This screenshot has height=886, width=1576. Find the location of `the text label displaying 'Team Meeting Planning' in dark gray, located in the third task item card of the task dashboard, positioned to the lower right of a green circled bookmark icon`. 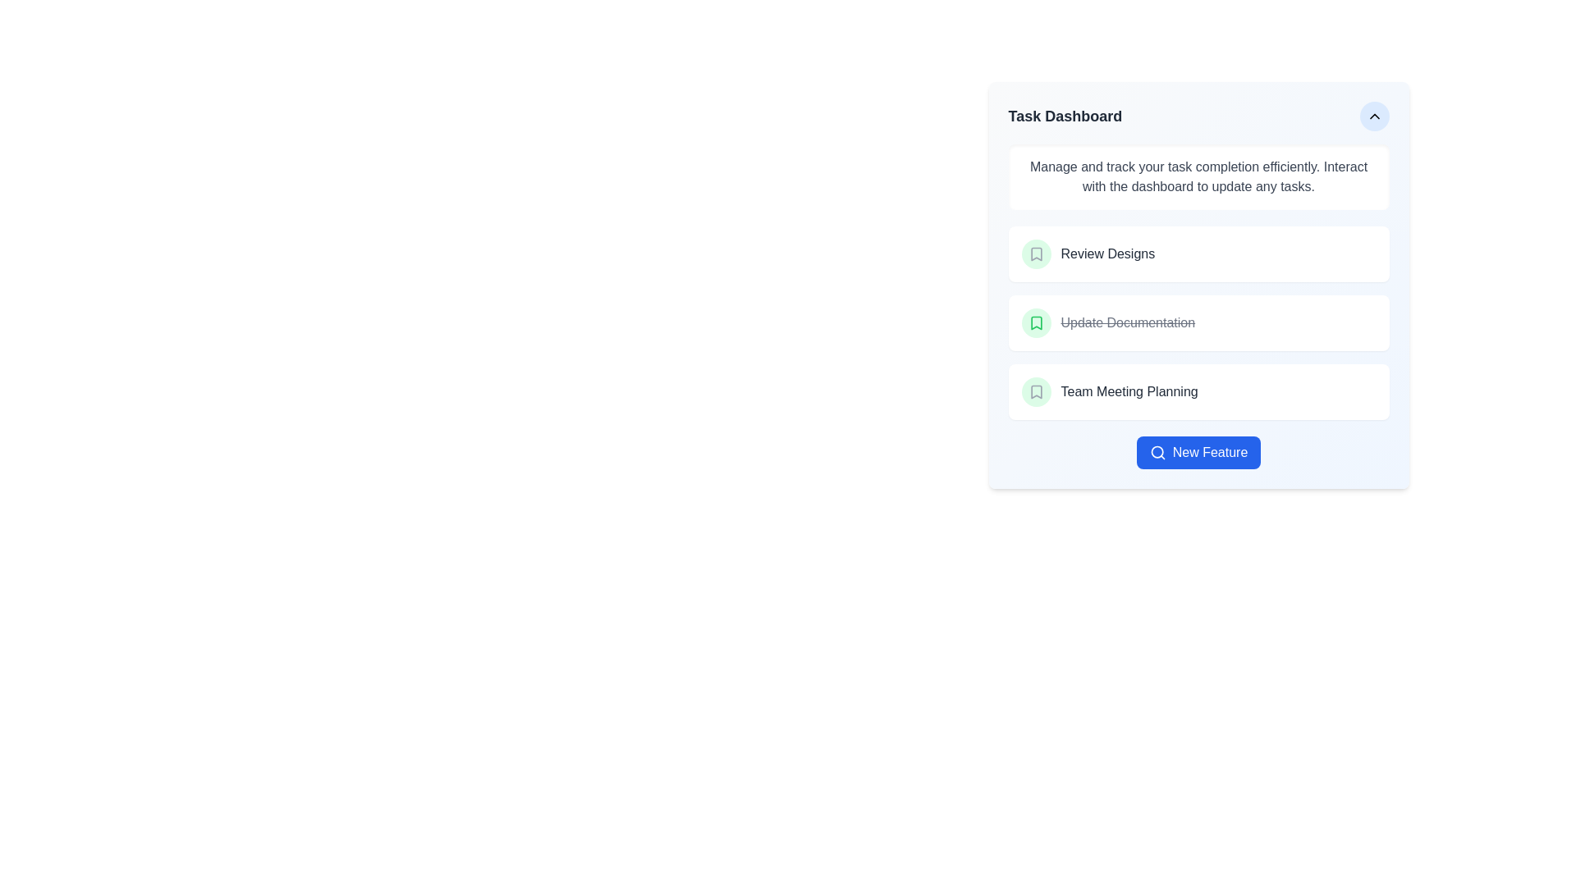

the text label displaying 'Team Meeting Planning' in dark gray, located in the third task item card of the task dashboard, positioned to the lower right of a green circled bookmark icon is located at coordinates (1129, 392).